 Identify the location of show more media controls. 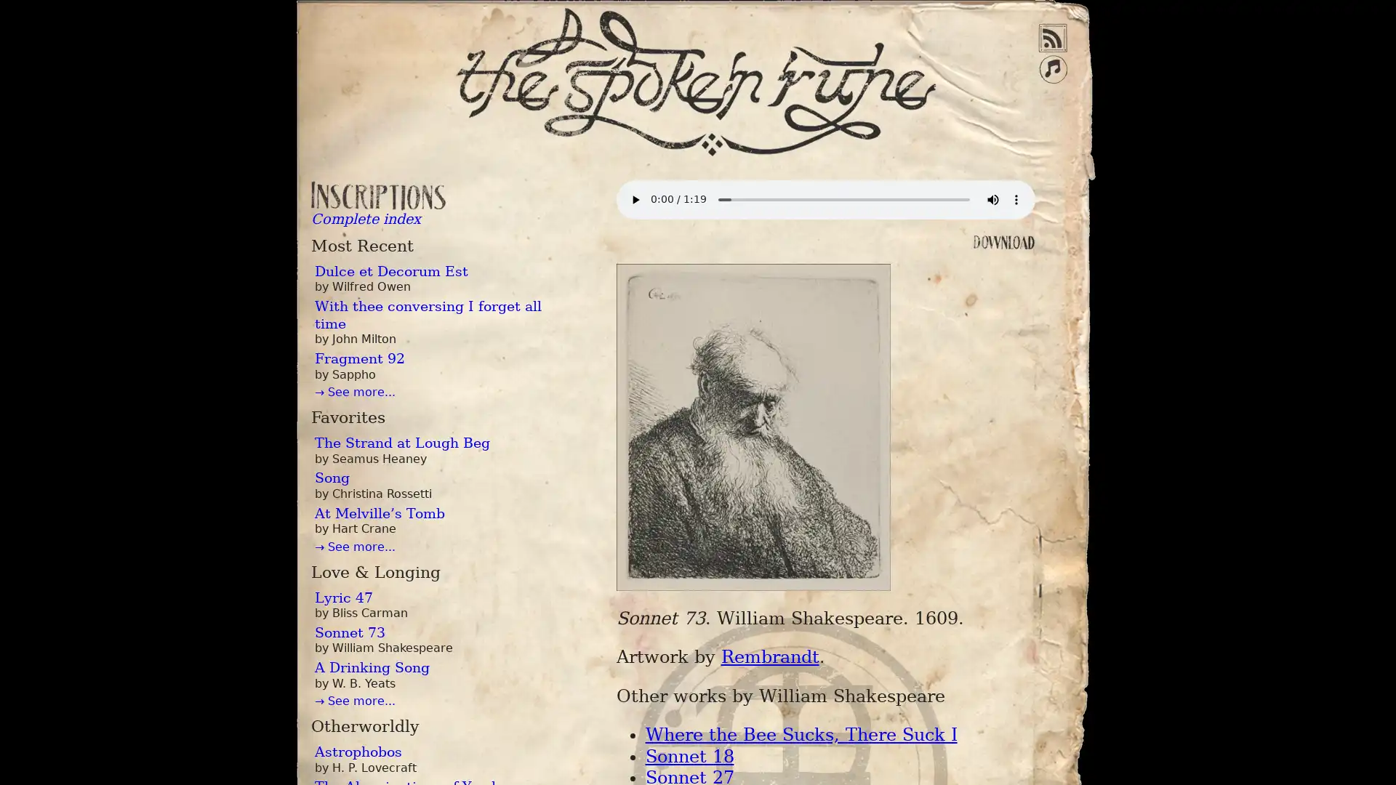
(1014, 199).